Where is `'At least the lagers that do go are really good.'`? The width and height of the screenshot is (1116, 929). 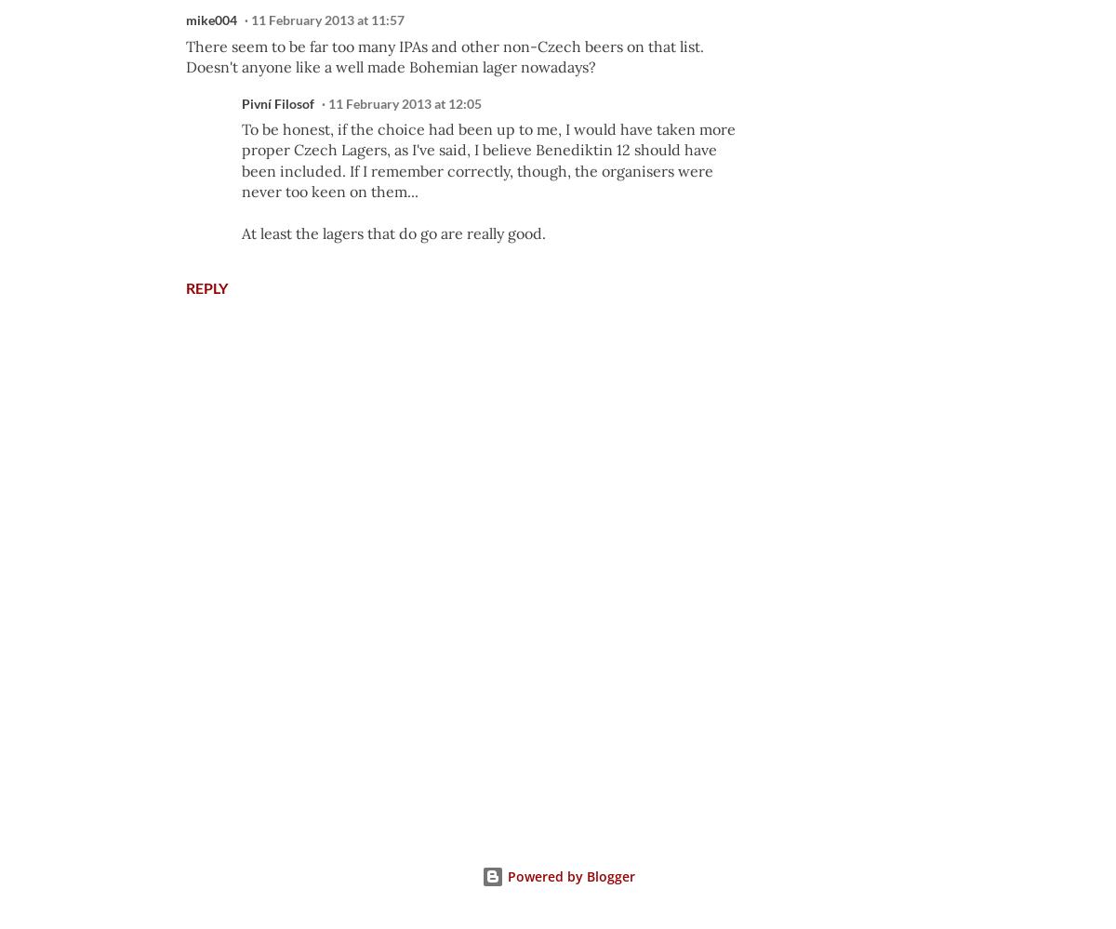
'At least the lagers that do go are really good.' is located at coordinates (241, 232).